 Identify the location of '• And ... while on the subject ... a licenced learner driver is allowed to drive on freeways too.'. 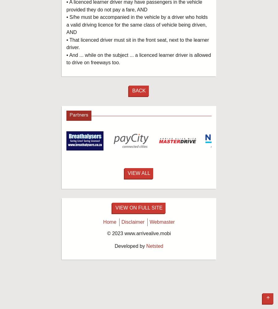
(139, 58).